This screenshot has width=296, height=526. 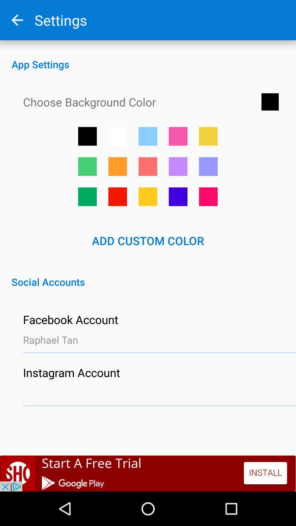 What do you see at coordinates (87, 136) in the screenshot?
I see `choose background color option` at bounding box center [87, 136].